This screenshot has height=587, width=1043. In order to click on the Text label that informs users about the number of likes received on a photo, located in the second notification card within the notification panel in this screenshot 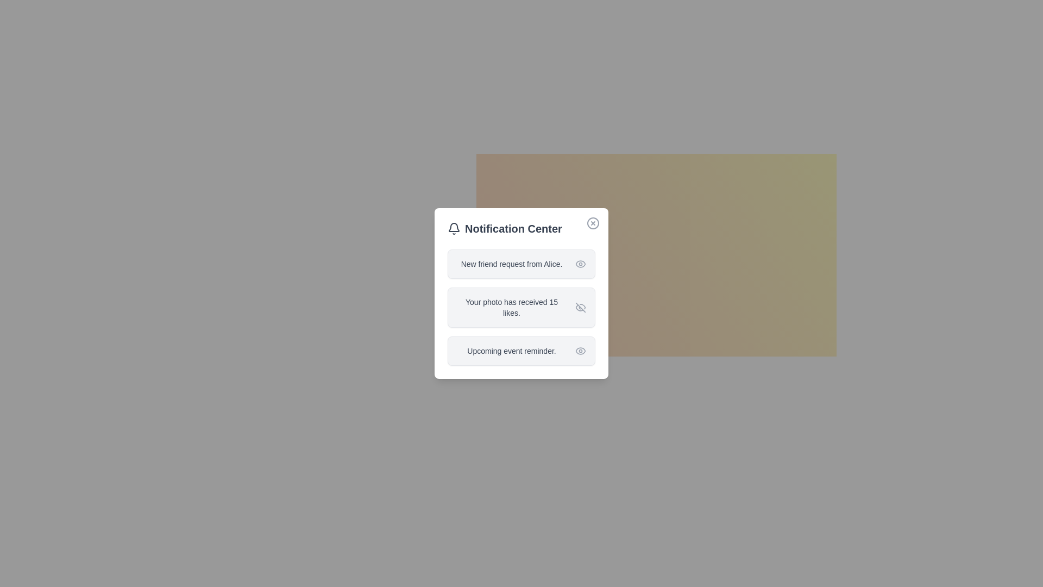, I will do `click(511, 308)`.